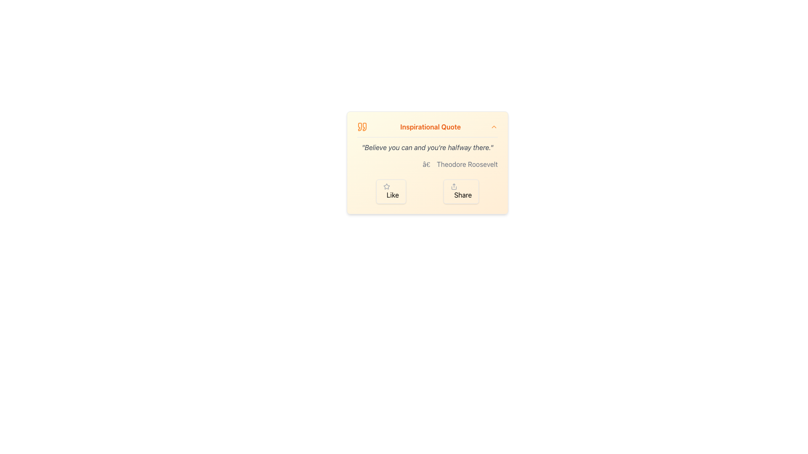 The width and height of the screenshot is (808, 454). I want to click on the Text Display element that shows a motivational quote, located at the top section of the card labeled 'Inspirational Quote', so click(428, 147).